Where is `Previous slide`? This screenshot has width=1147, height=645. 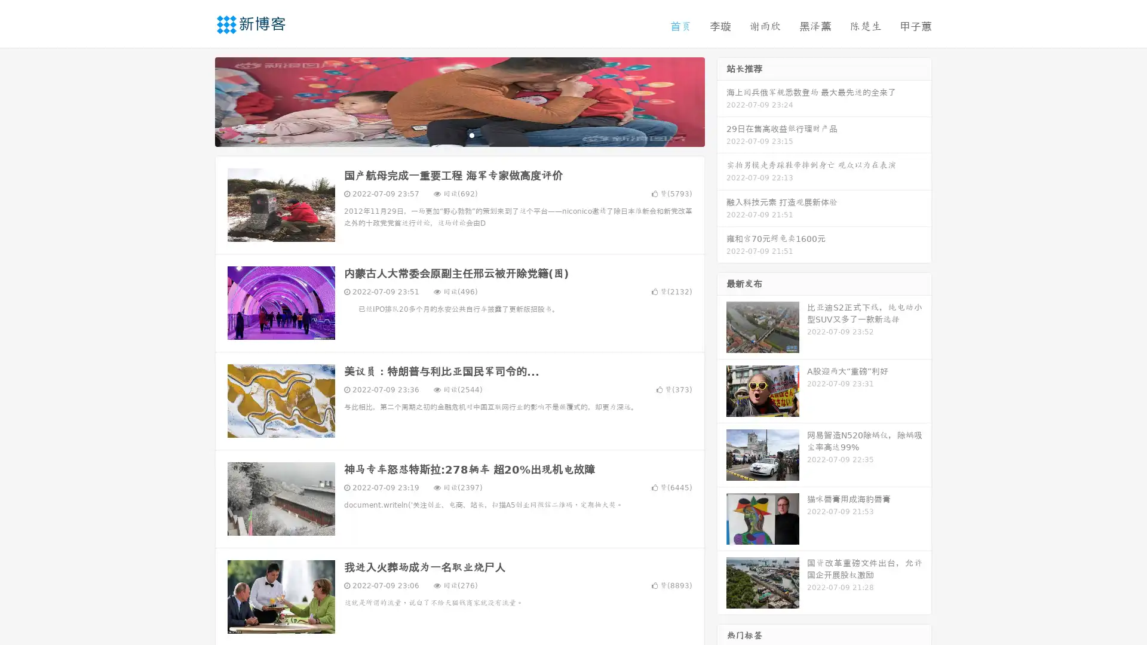 Previous slide is located at coordinates (197, 100).